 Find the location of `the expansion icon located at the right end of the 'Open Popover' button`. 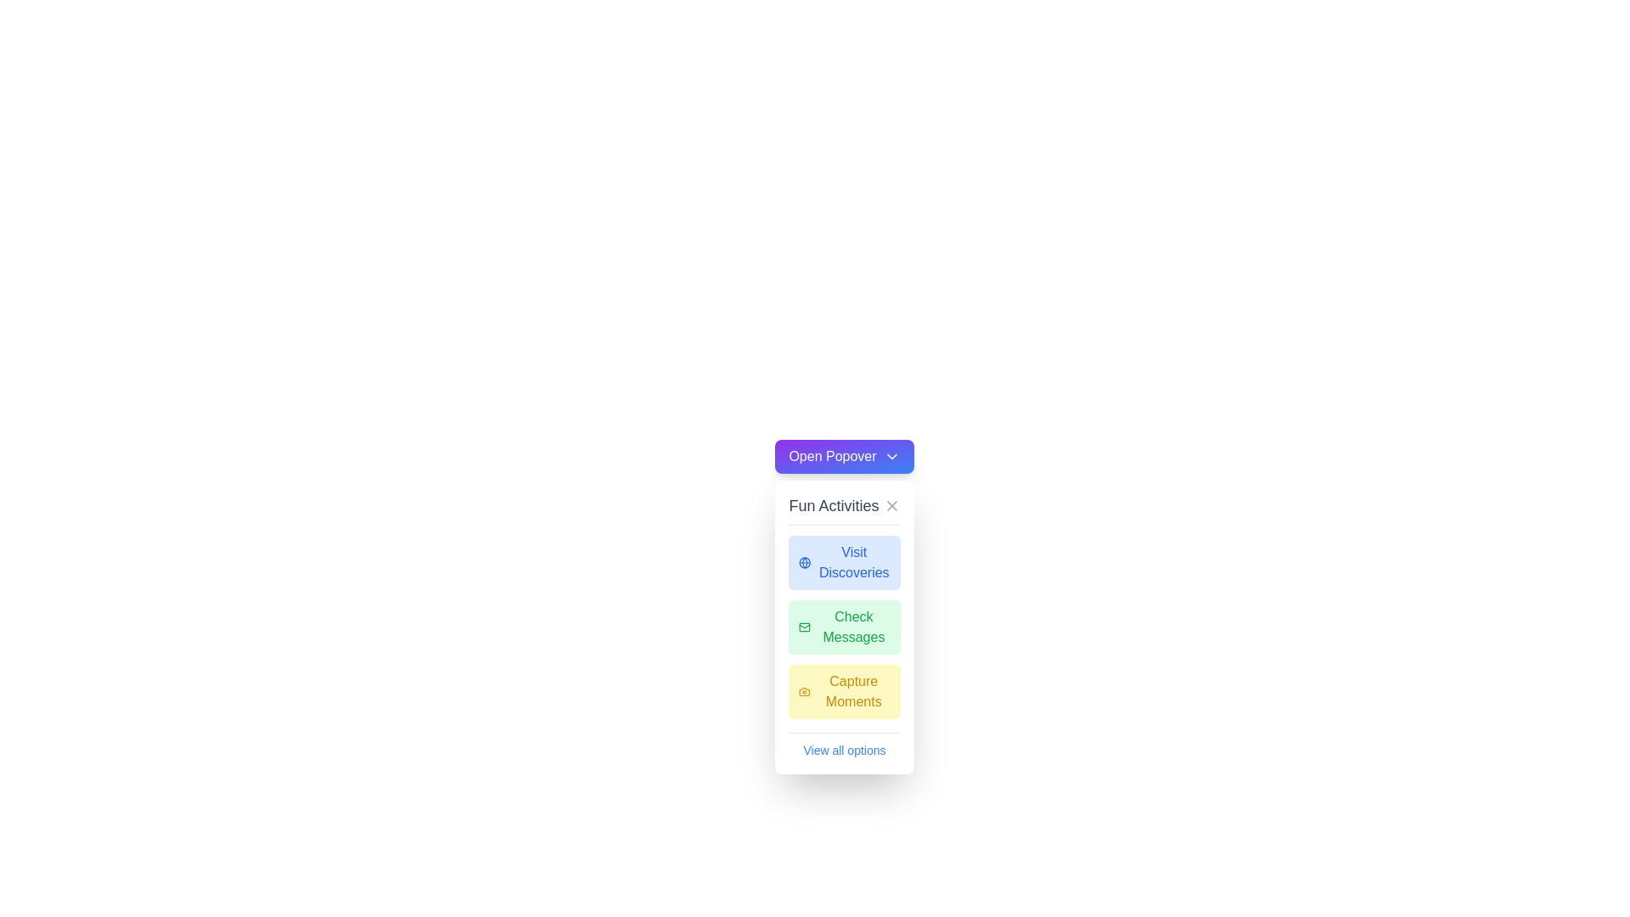

the expansion icon located at the right end of the 'Open Popover' button is located at coordinates (891, 455).